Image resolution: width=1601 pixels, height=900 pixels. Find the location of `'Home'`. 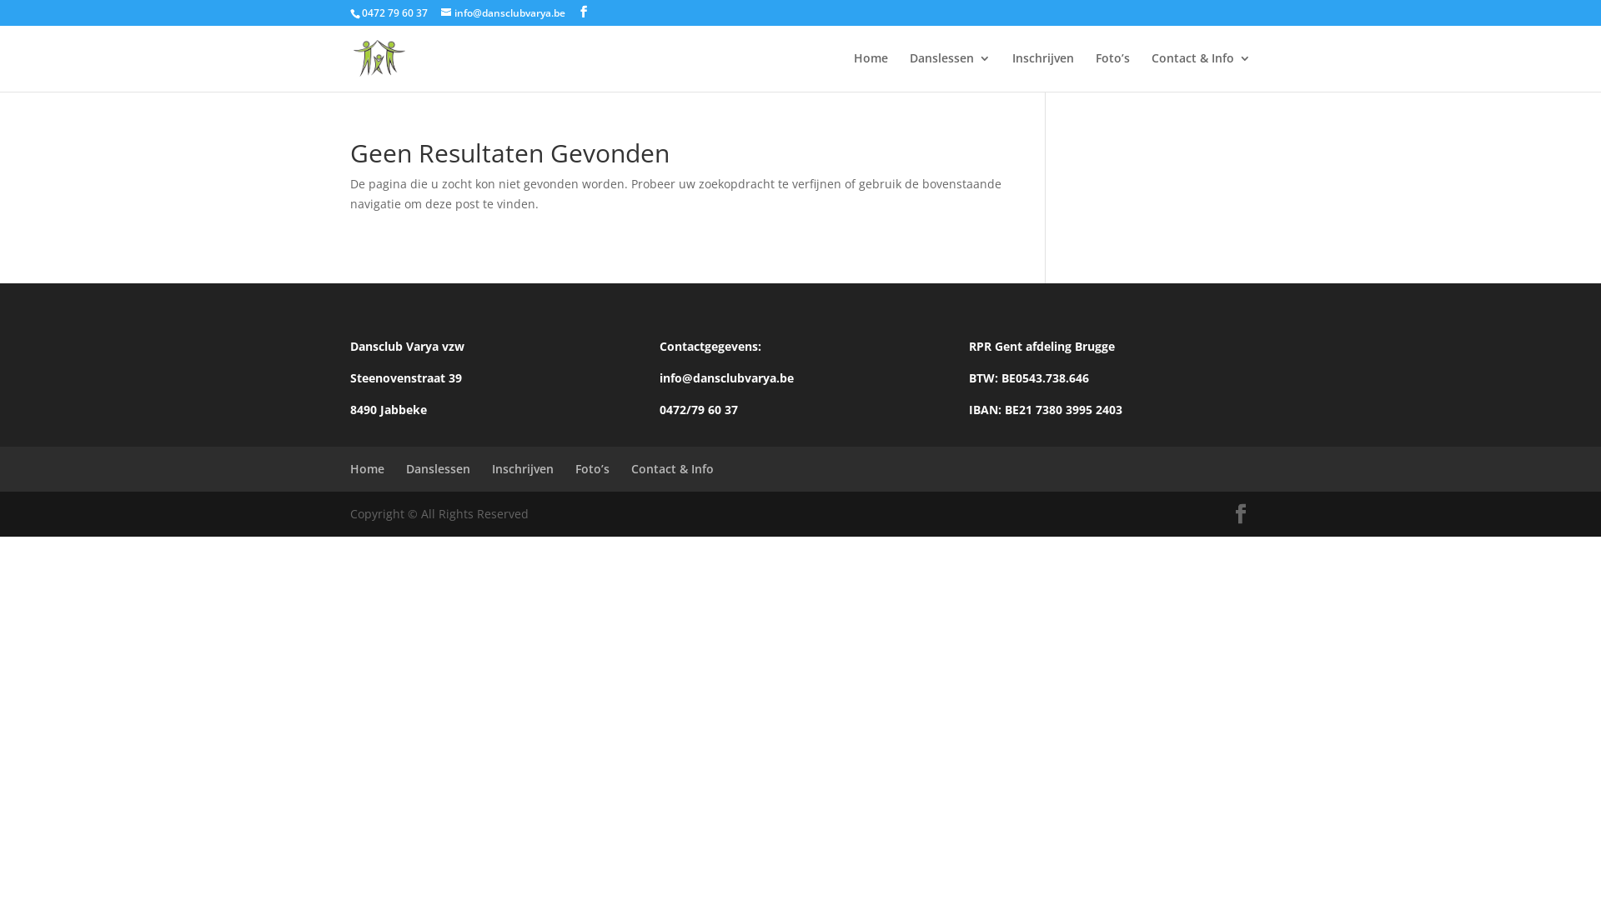

'Home' is located at coordinates (349, 468).